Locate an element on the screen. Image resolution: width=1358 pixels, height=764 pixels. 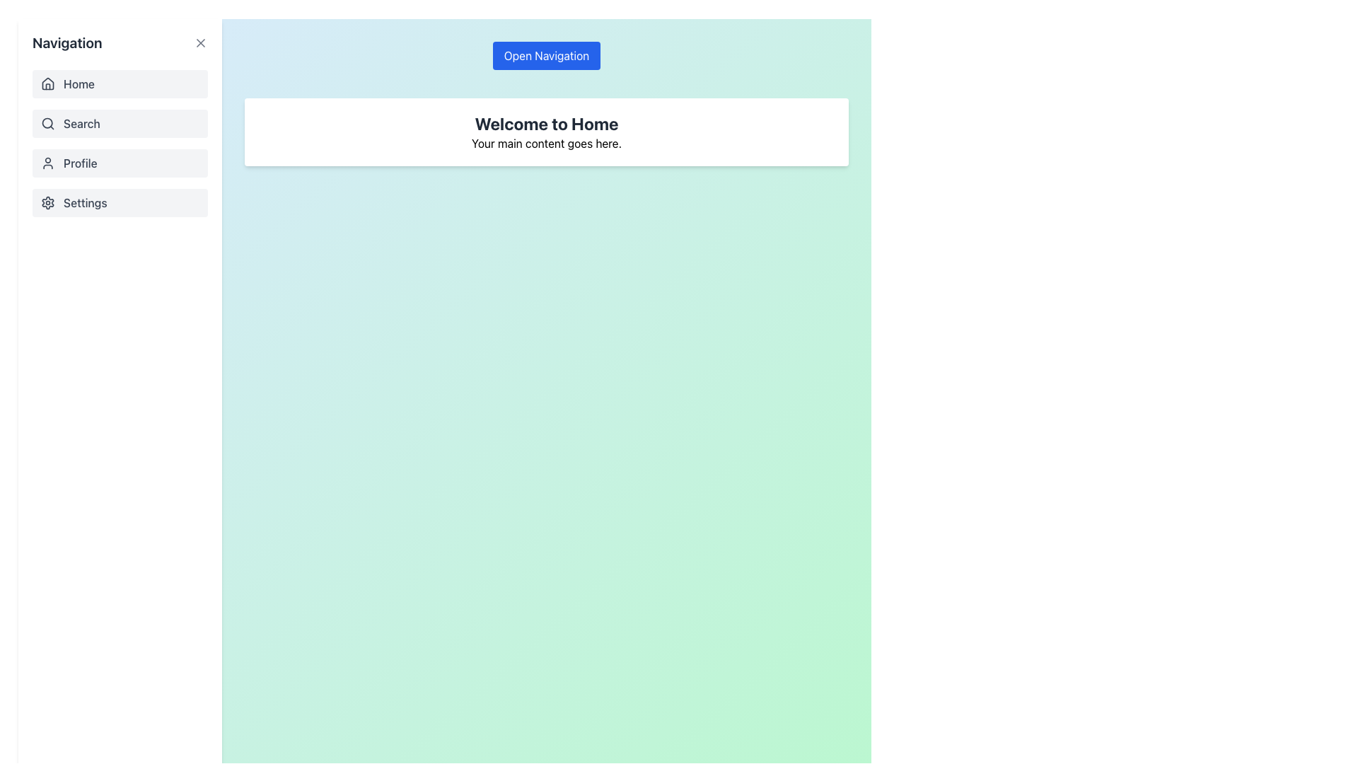
the 'Profile' button located on the left navigation panel, which is the third item in the vertical list is located at coordinates (120, 163).